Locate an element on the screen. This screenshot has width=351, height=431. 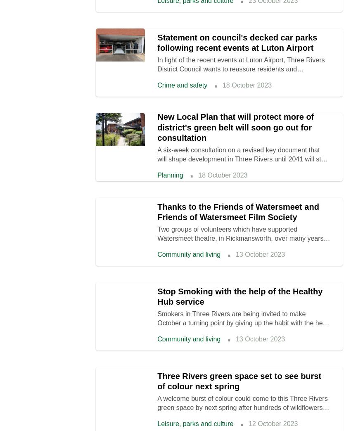
'Stop Smoking with the help of the Healthy Hub service' is located at coordinates (240, 296).